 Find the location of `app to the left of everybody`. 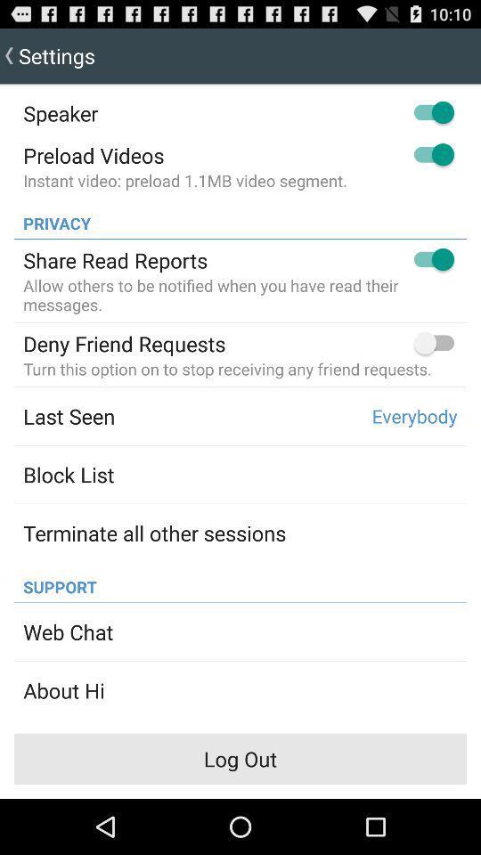

app to the left of everybody is located at coordinates (68, 416).